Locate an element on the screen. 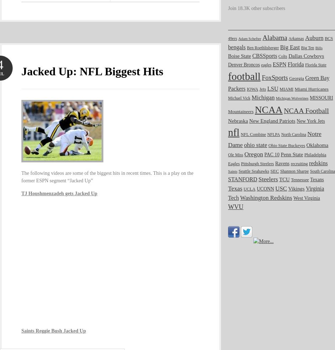 This screenshot has height=350, width=335. 'MIAMI' is located at coordinates (286, 88).